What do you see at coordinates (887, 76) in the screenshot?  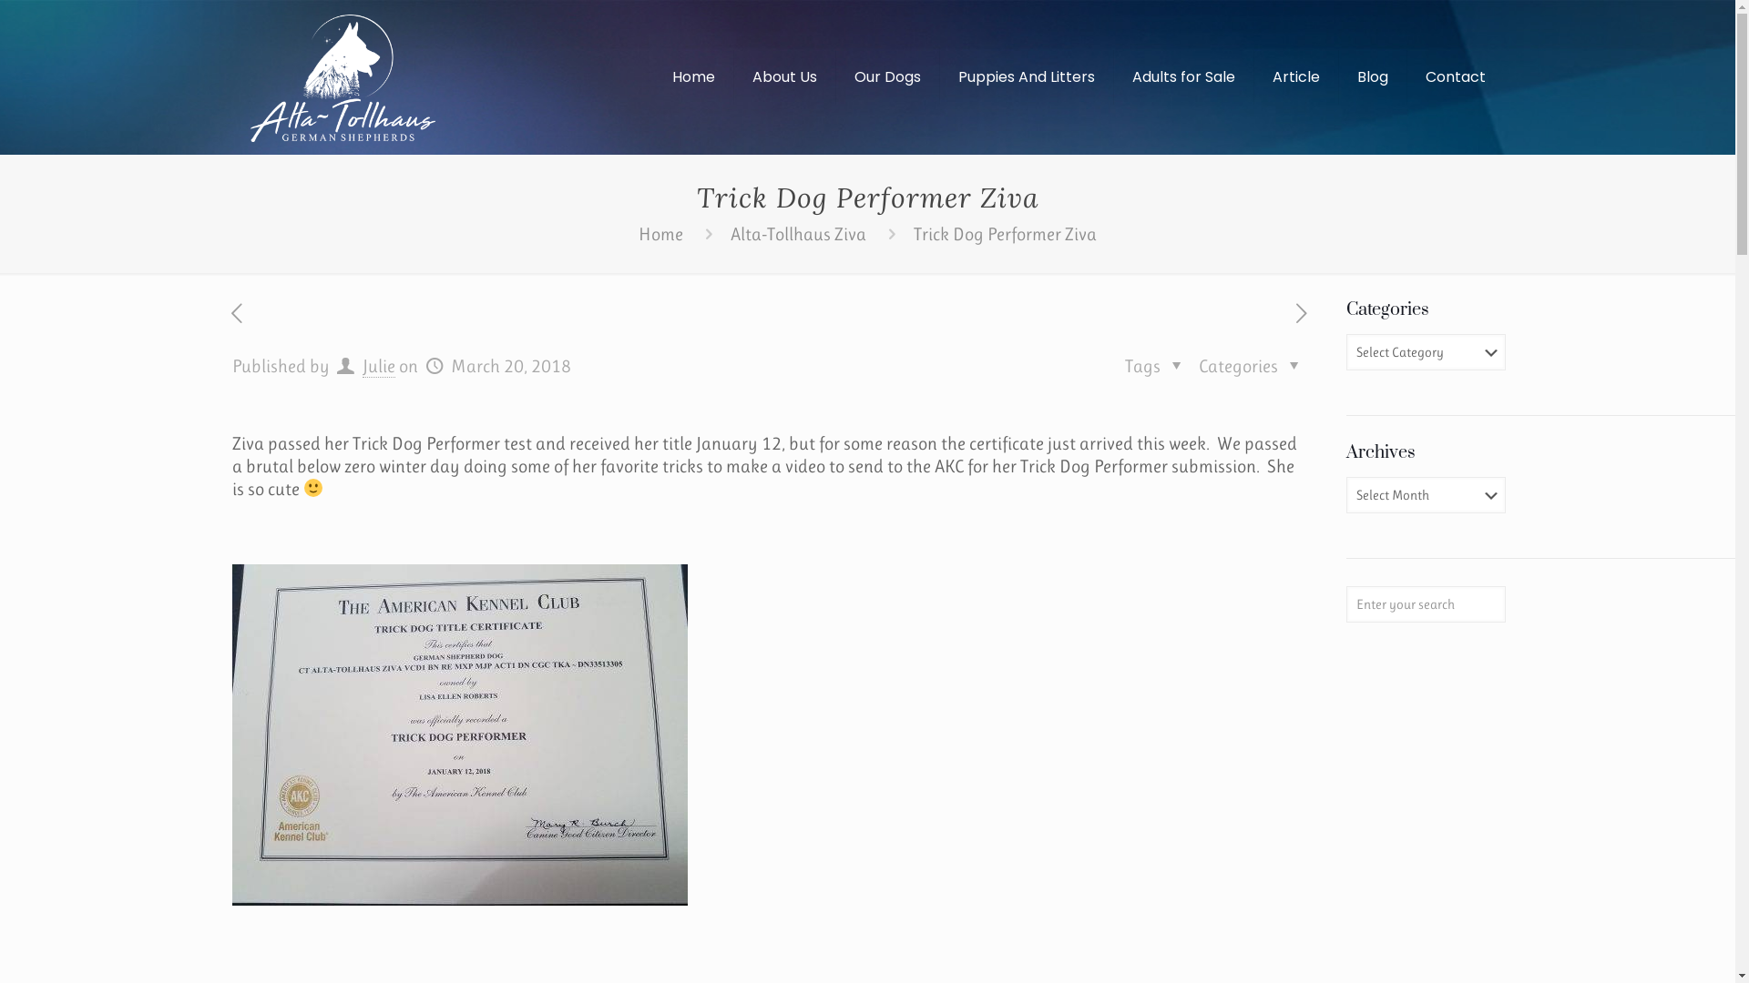 I see `'Our Dogs'` at bounding box center [887, 76].